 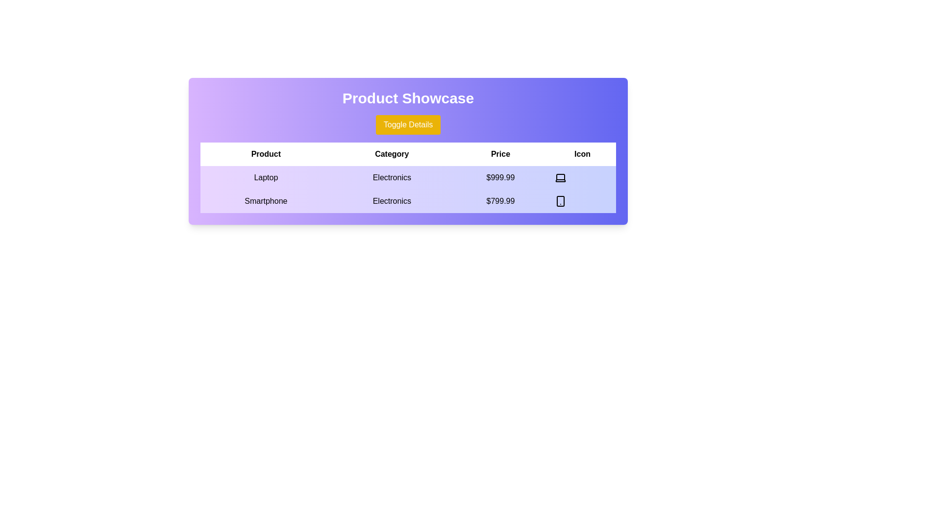 What do you see at coordinates (408, 177) in the screenshot?
I see `the second cell in the first row of the table that contains the text 'Laptop', 'Electronics', and '$999.99', with a gradient background from purple to indigo` at bounding box center [408, 177].